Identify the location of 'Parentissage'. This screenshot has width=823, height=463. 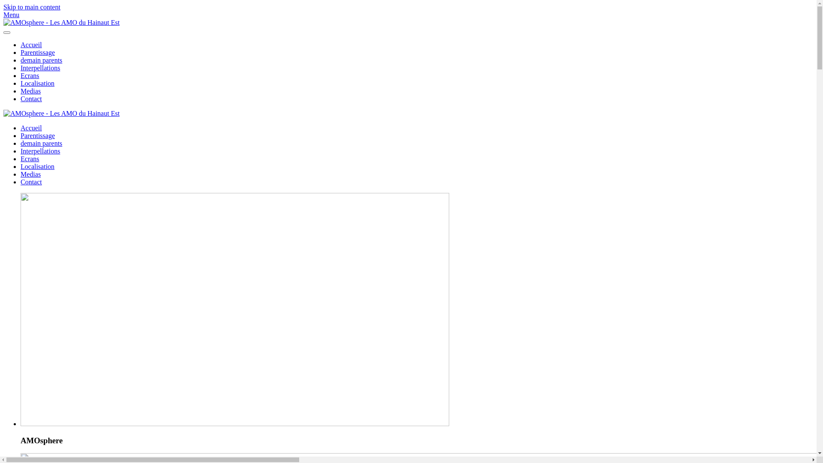
(37, 52).